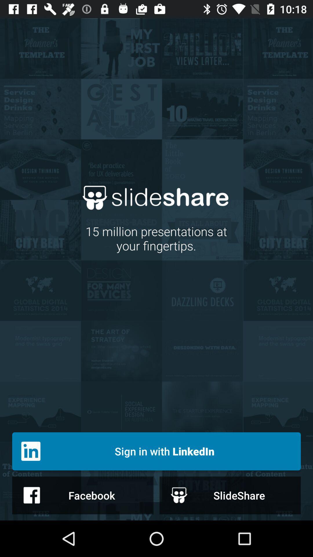  Describe the element at coordinates (230, 495) in the screenshot. I see `the slideshare icon` at that location.